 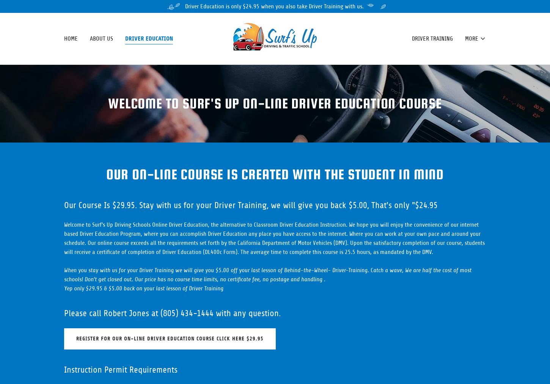 What do you see at coordinates (64, 312) in the screenshot?
I see `'Please call Robert Jones at (805) 434-1444 with any question.'` at bounding box center [64, 312].